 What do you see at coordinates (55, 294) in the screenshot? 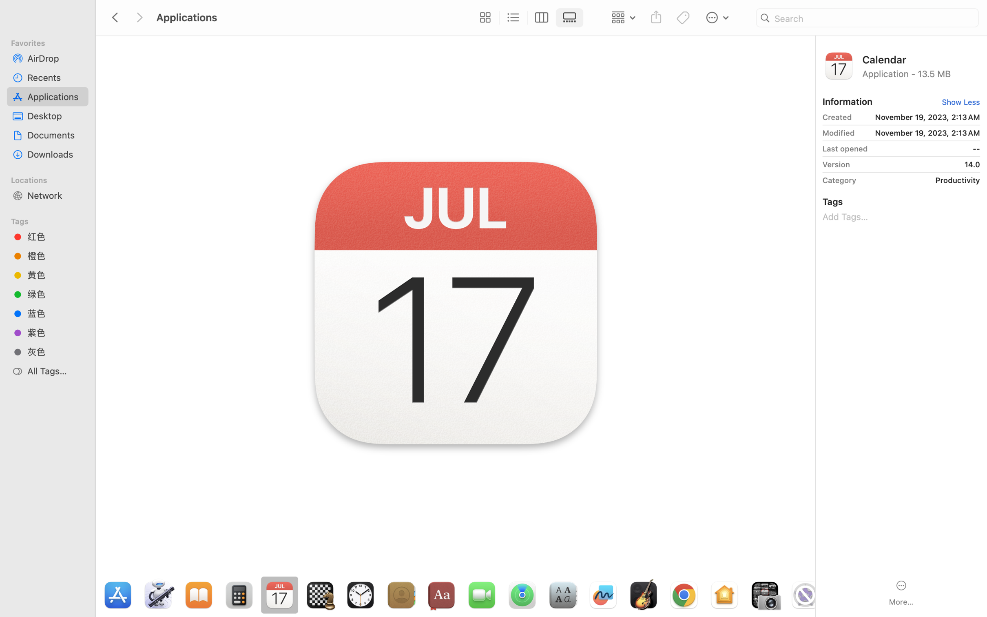
I see `'绿色'` at bounding box center [55, 294].